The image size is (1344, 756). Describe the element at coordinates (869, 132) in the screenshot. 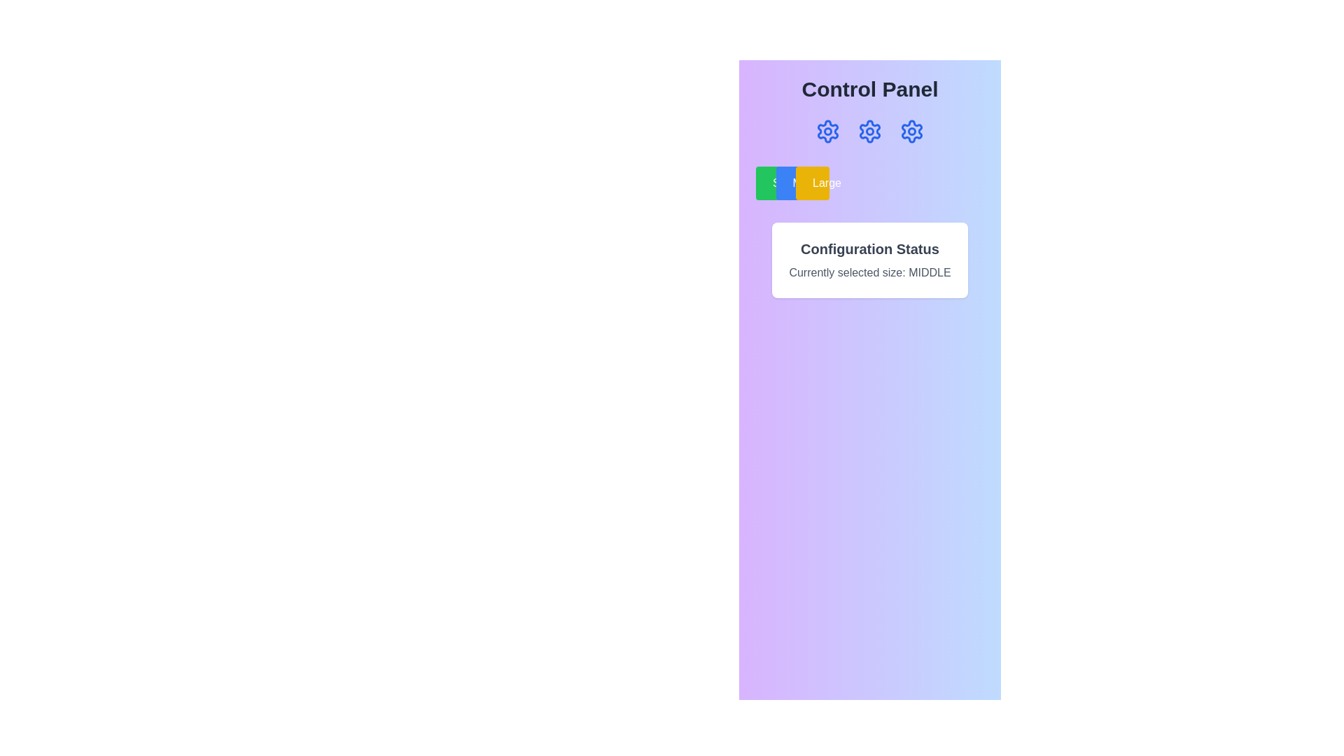

I see `the middle gear-shaped icon with a blue outline` at that location.